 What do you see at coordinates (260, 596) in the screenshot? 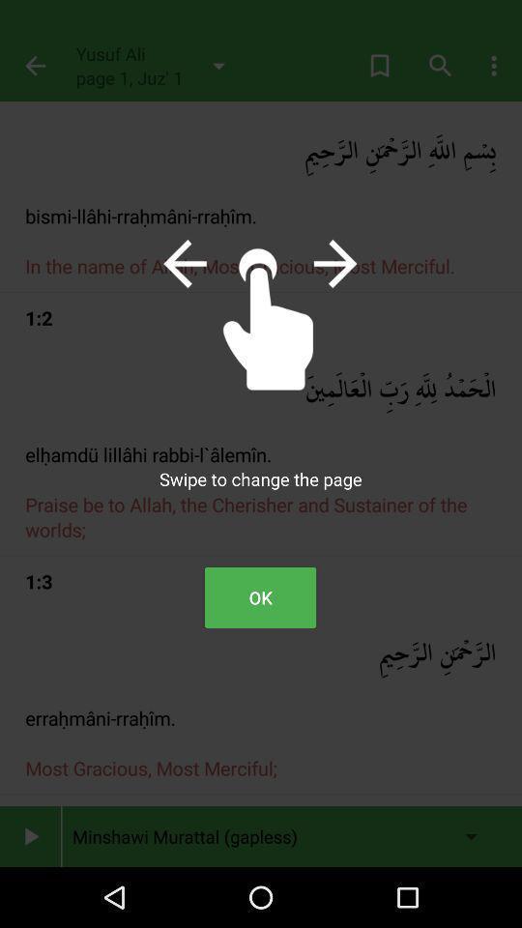
I see `the icon below the swipe to change` at bounding box center [260, 596].